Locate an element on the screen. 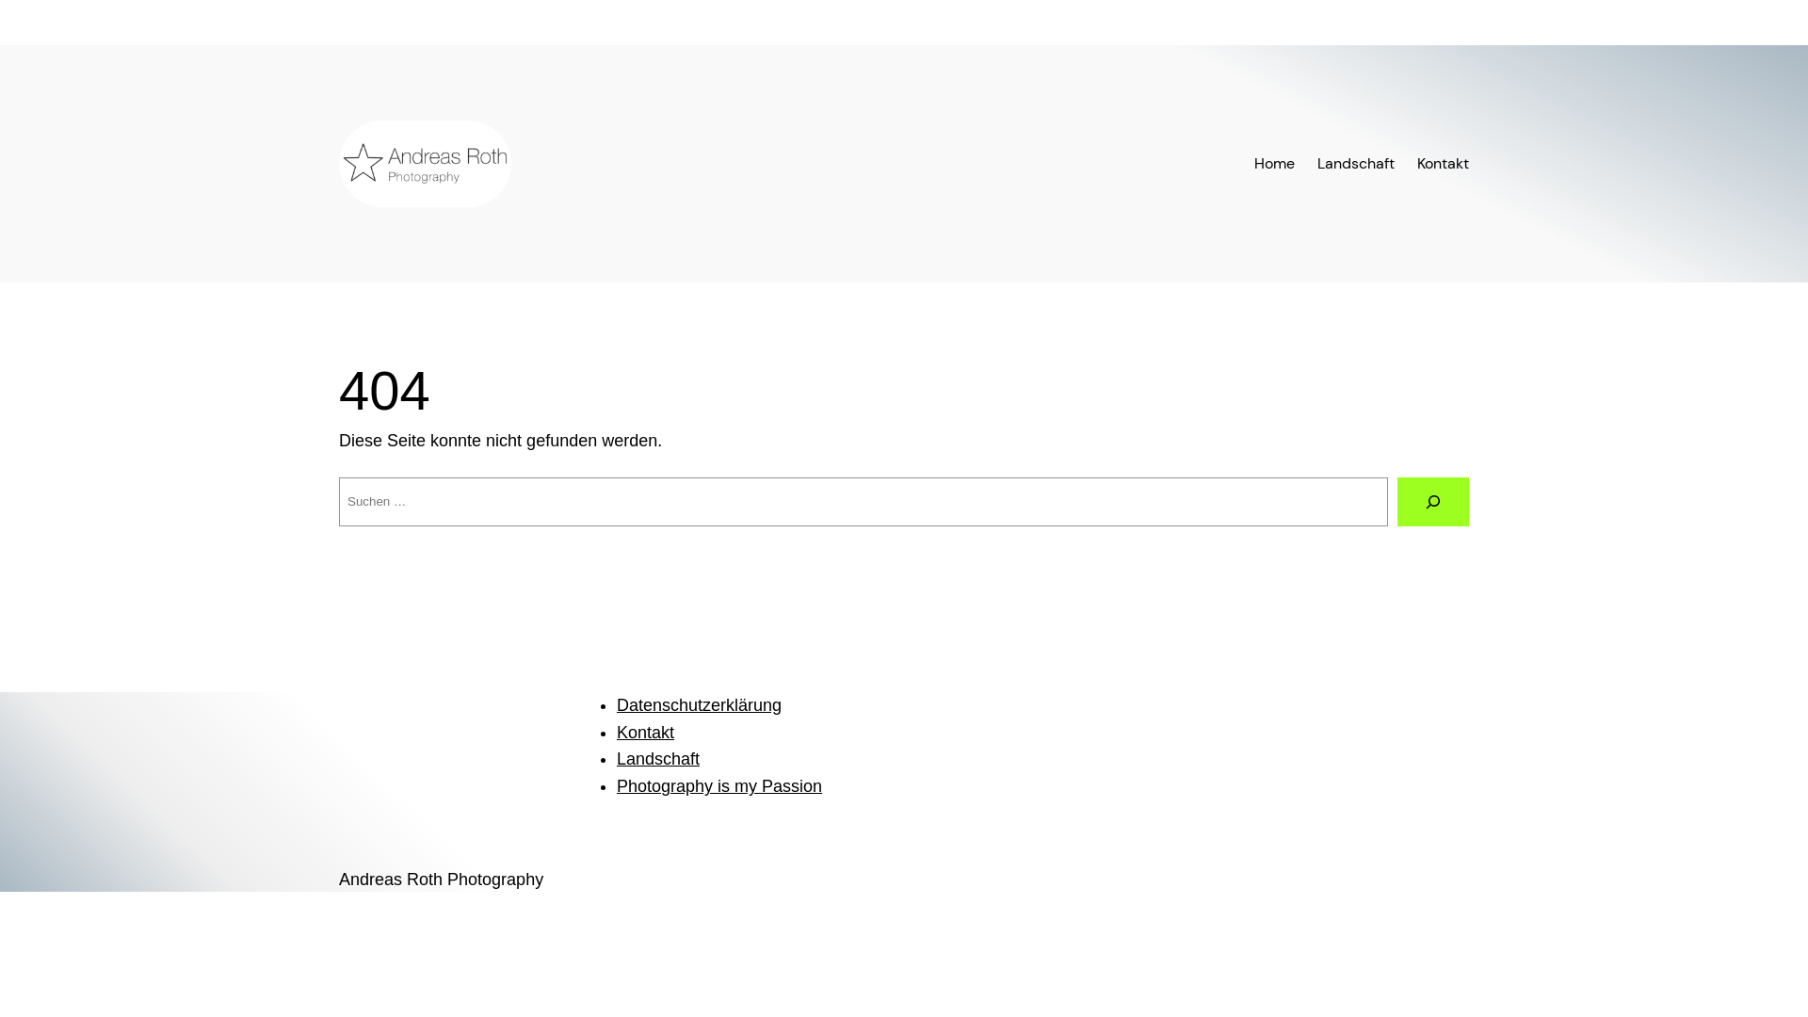  'Kontakt' is located at coordinates (1417, 162).